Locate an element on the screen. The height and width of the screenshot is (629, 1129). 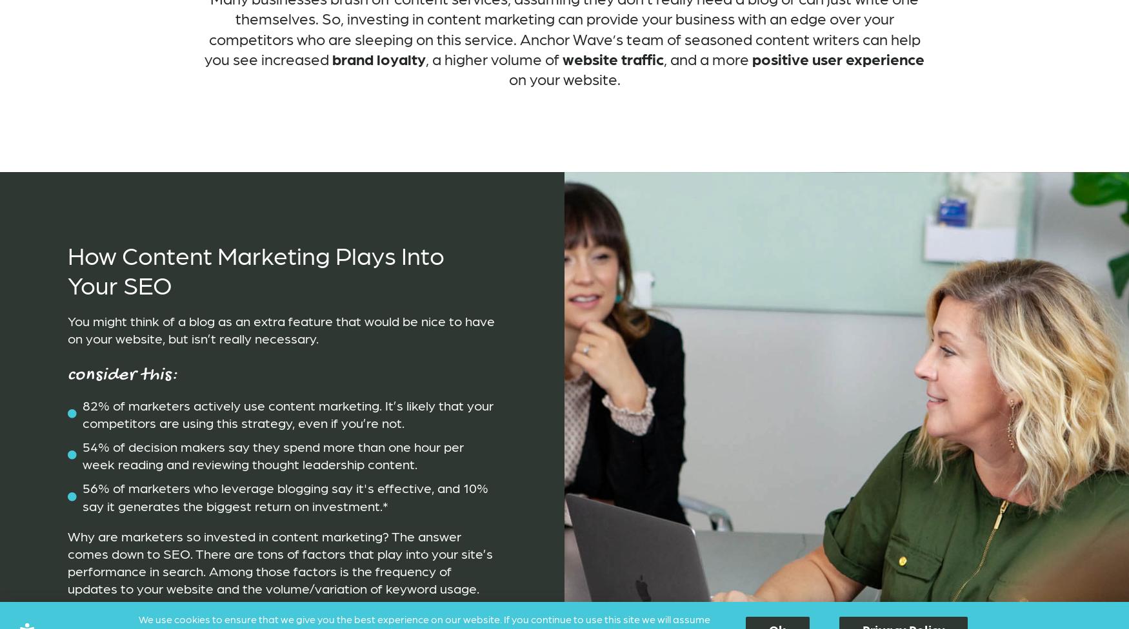
'on your website.' is located at coordinates (564, 78).